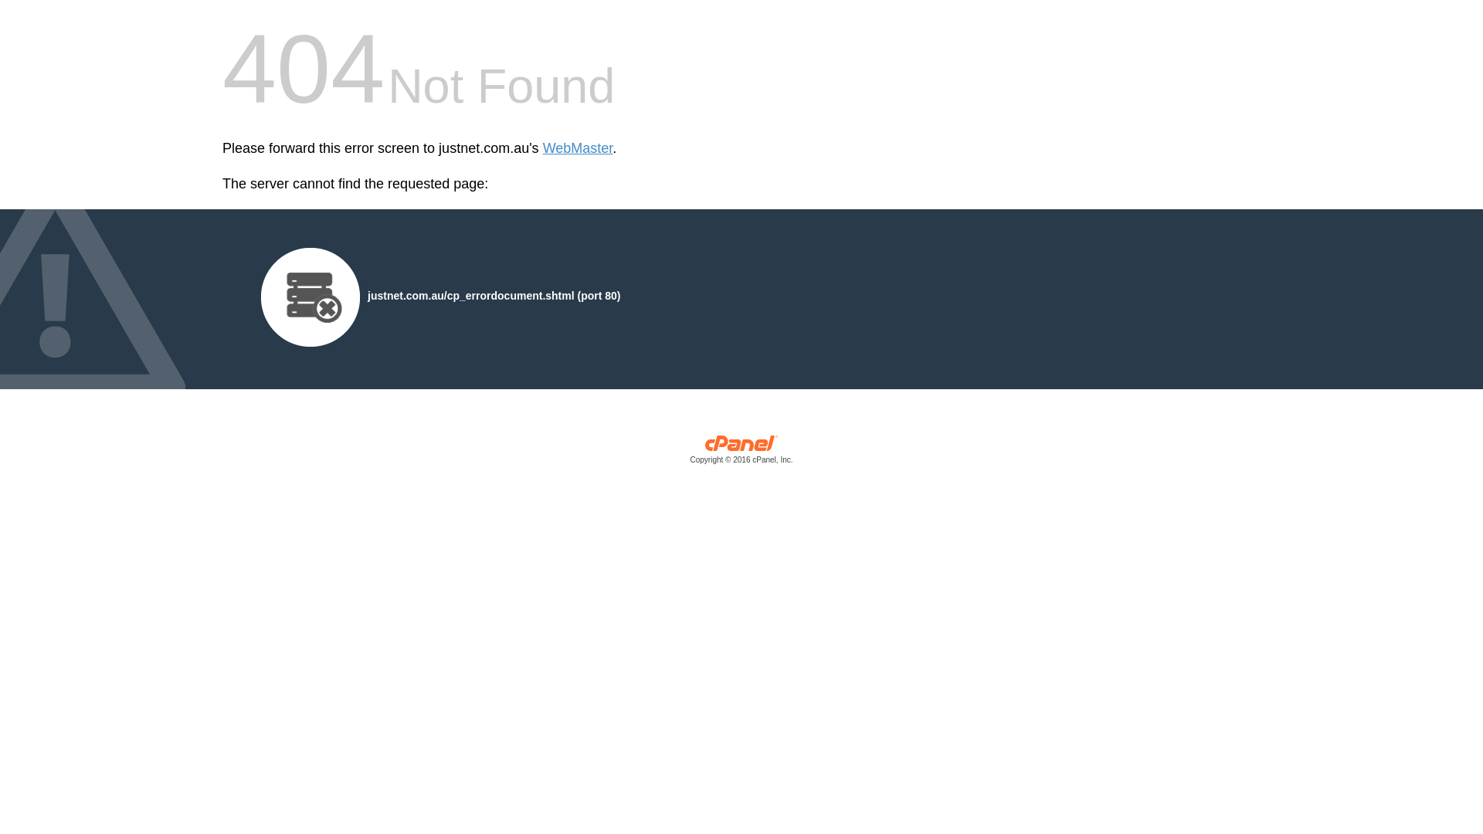 The width and height of the screenshot is (1483, 834). I want to click on 'WebMaster', so click(577, 148).